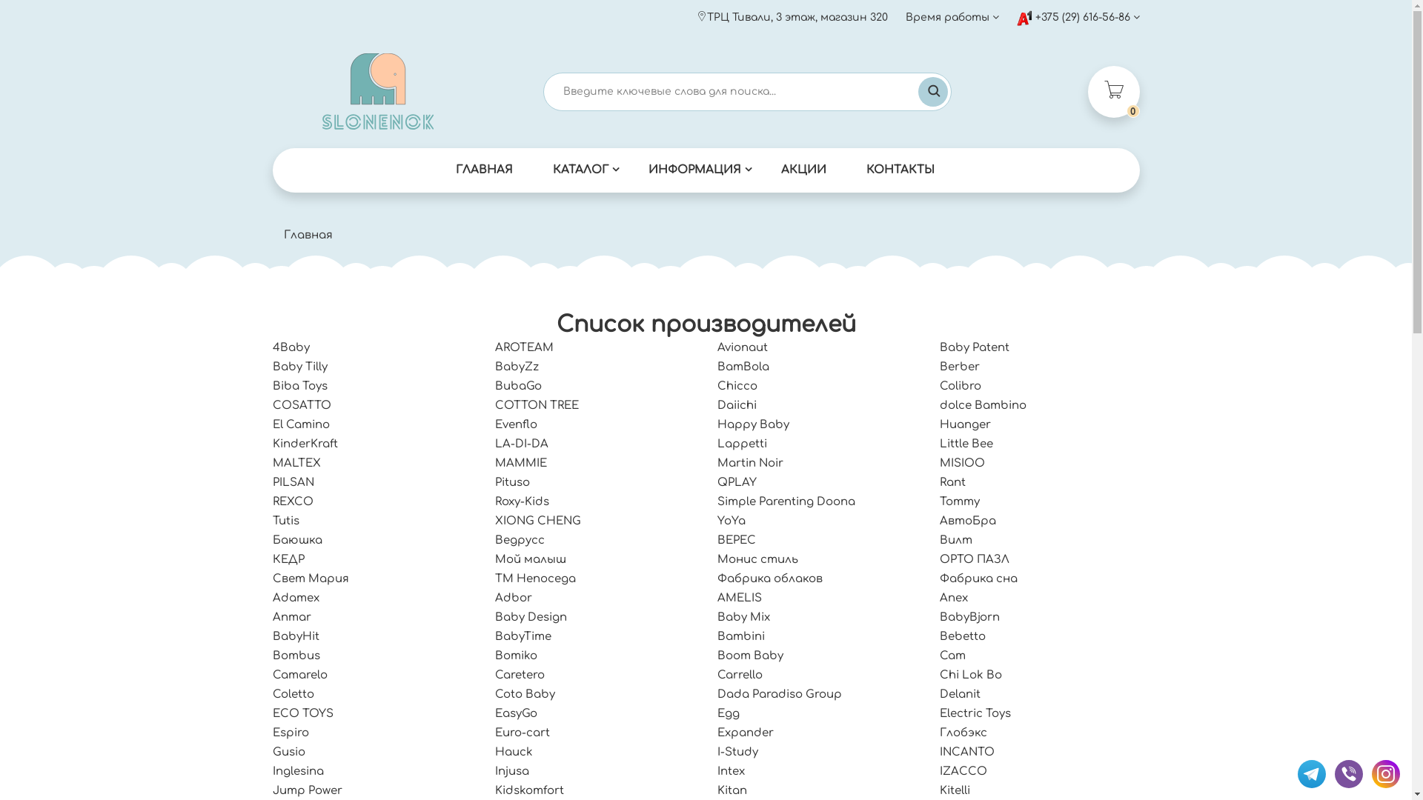  Describe the element at coordinates (494, 617) in the screenshot. I see `'Baby Design'` at that location.